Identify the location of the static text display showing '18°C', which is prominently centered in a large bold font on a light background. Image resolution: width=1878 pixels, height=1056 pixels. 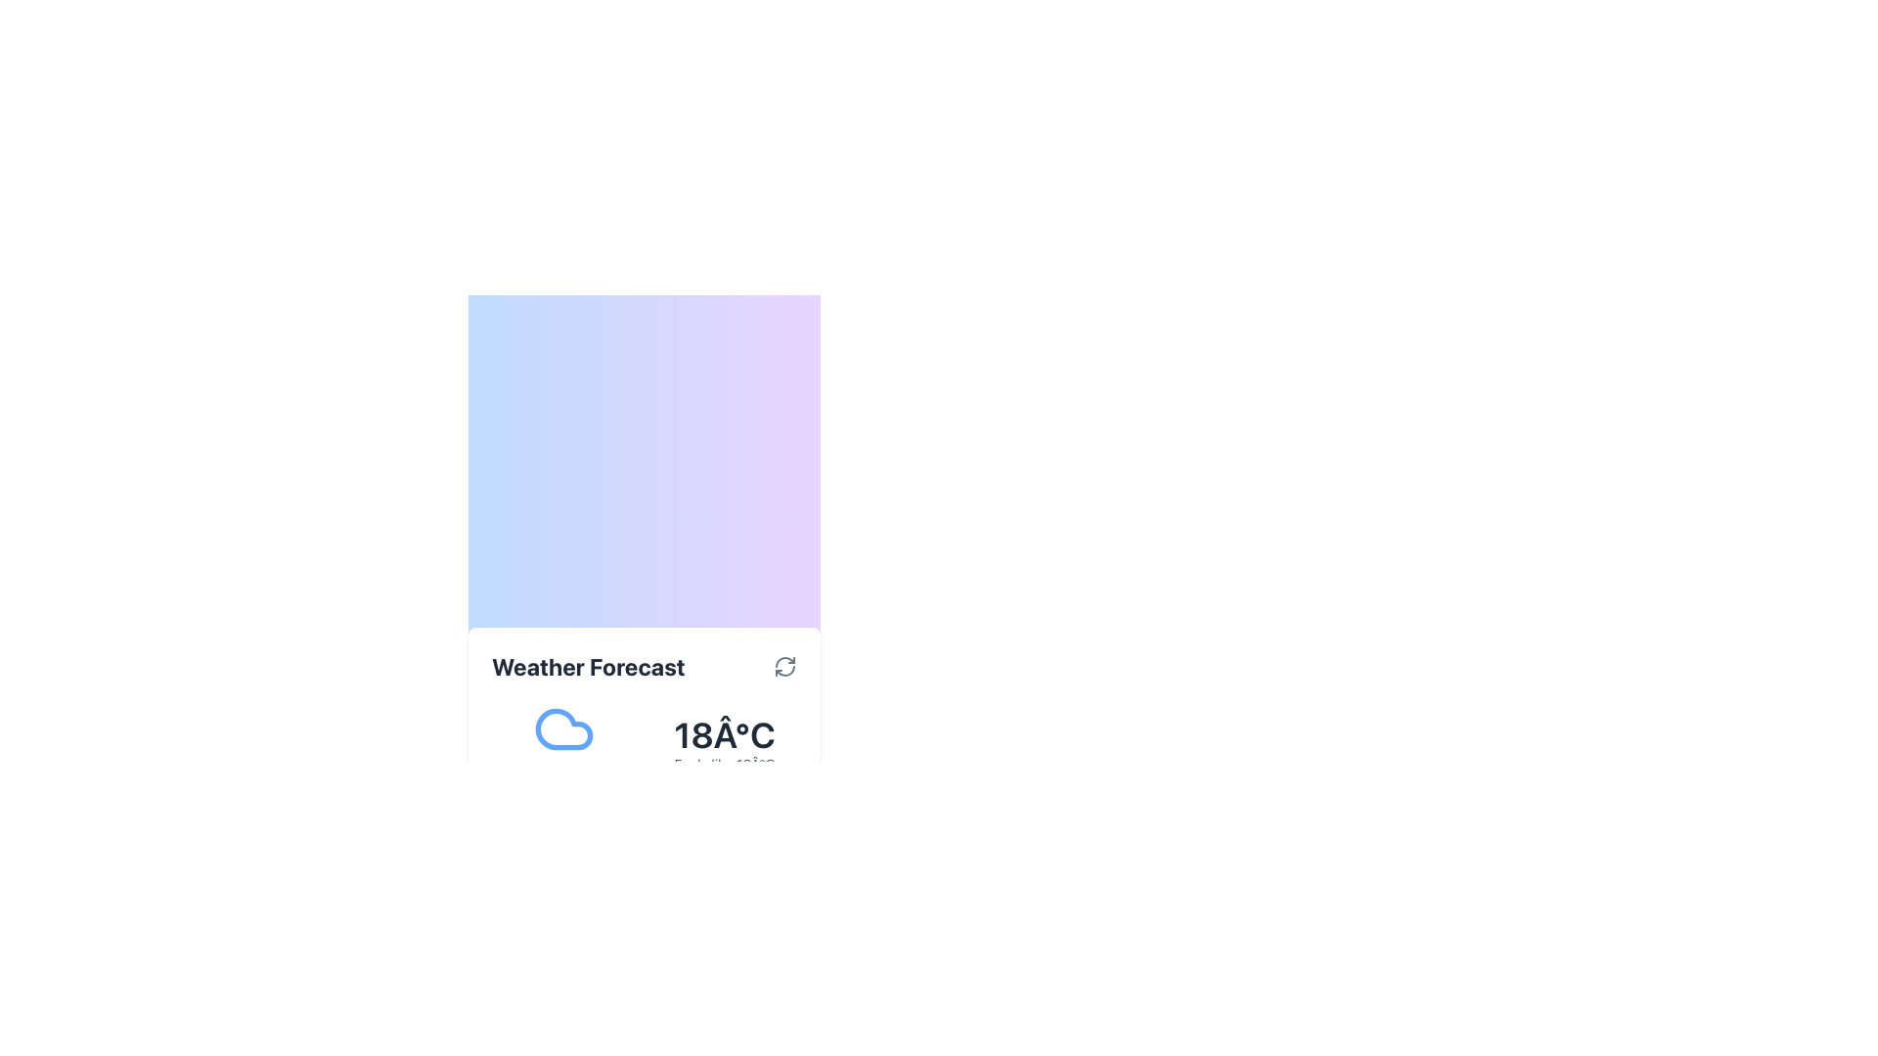
(723, 735).